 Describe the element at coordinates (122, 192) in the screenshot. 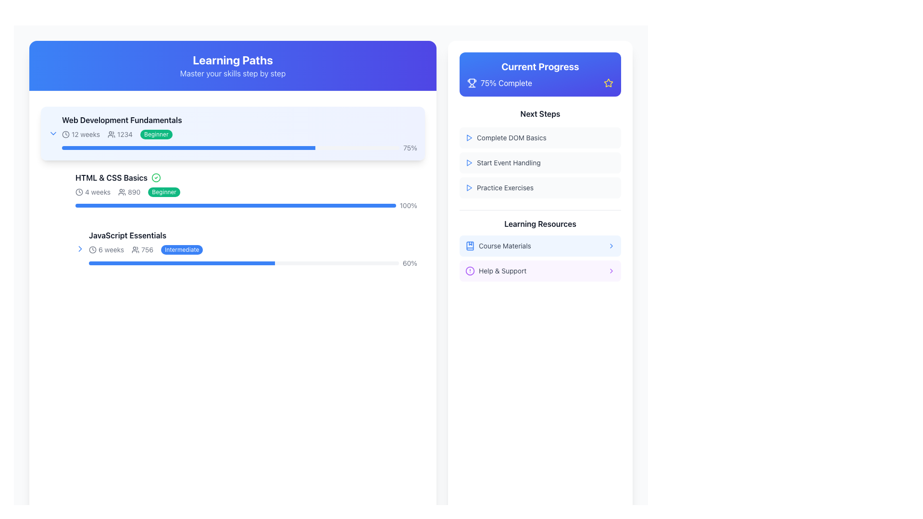

I see `the SVG icon representing the number of participants for the 'HTML & CSS Basics' course, located in the second card under the 'Learning Paths' section, to the left of the text '890'` at that location.